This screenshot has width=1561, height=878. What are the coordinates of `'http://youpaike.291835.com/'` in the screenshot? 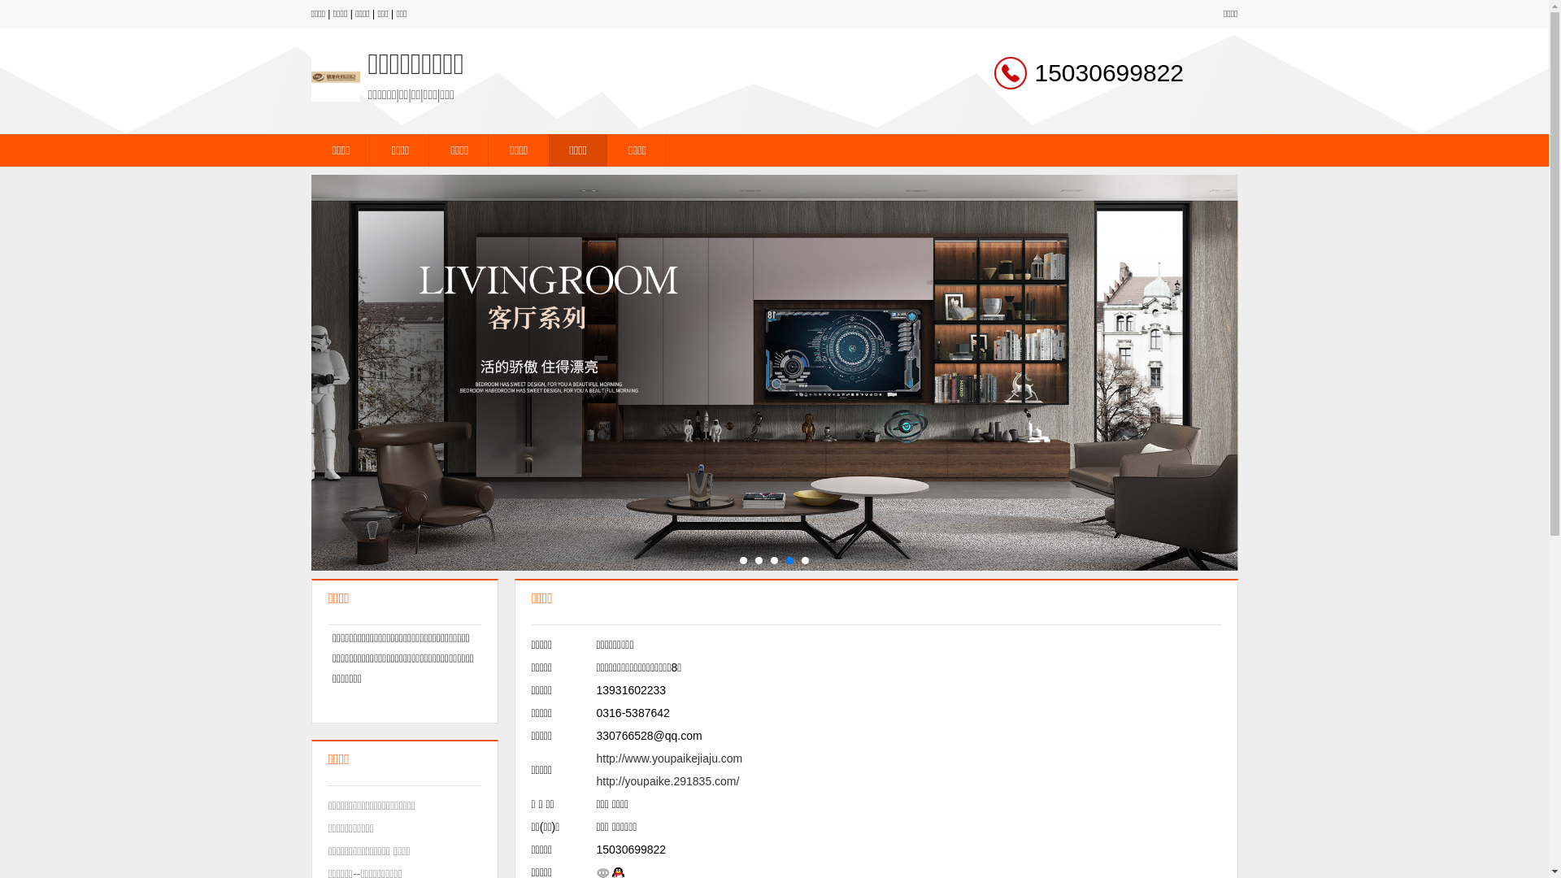 It's located at (667, 780).